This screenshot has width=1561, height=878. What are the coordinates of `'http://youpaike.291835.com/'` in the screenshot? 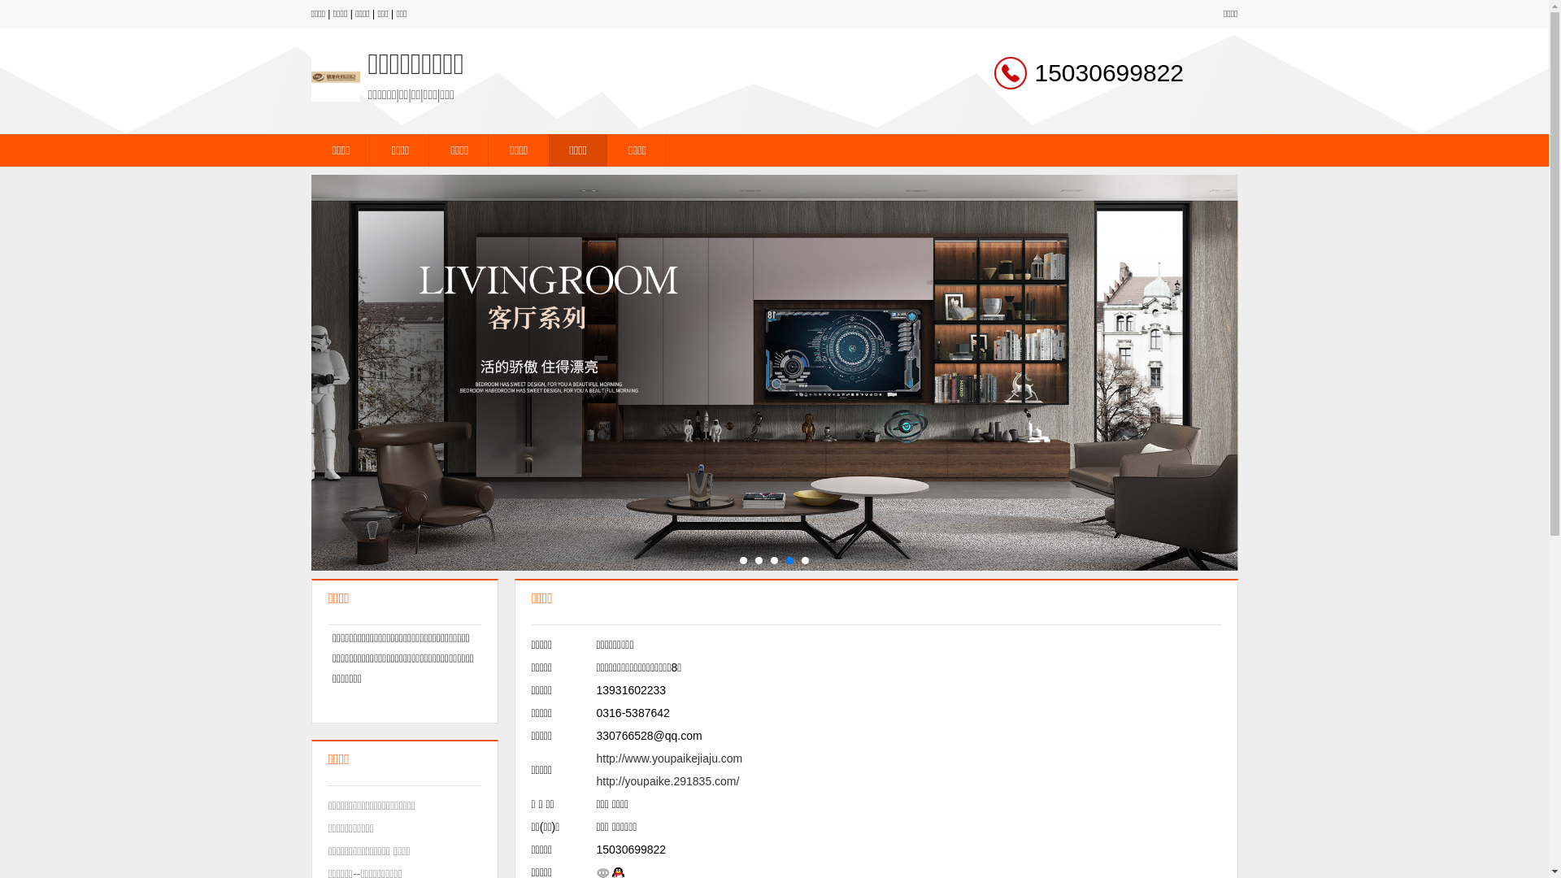 It's located at (667, 780).